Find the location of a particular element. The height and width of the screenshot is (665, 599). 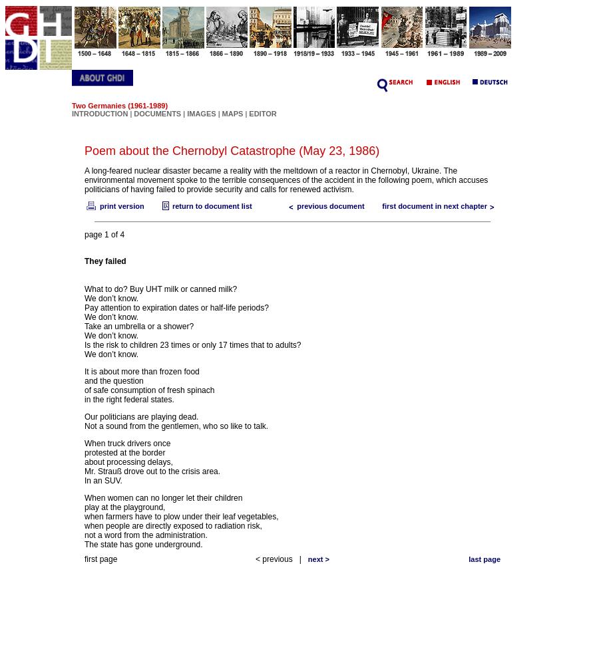

'Mr. Strauß drove out to the crisis area.' is located at coordinates (84, 471).